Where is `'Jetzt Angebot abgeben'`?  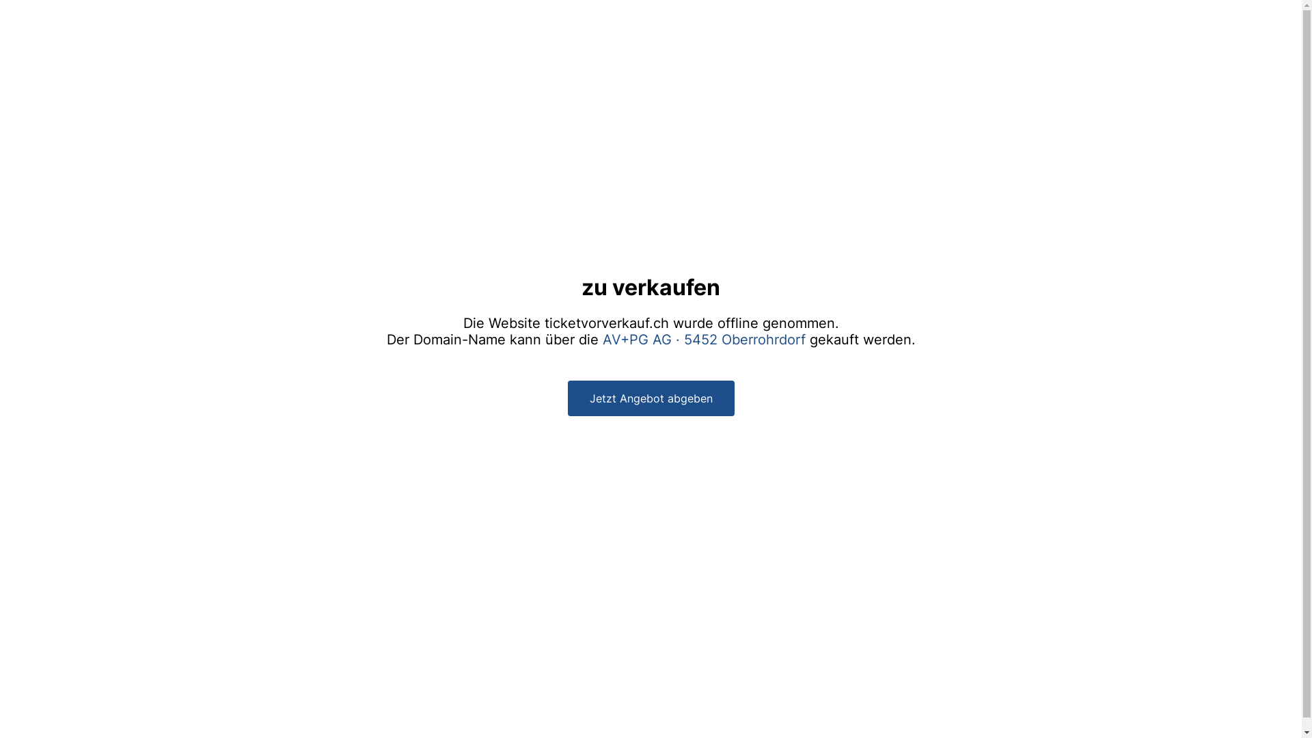 'Jetzt Angebot abgeben' is located at coordinates (649, 398).